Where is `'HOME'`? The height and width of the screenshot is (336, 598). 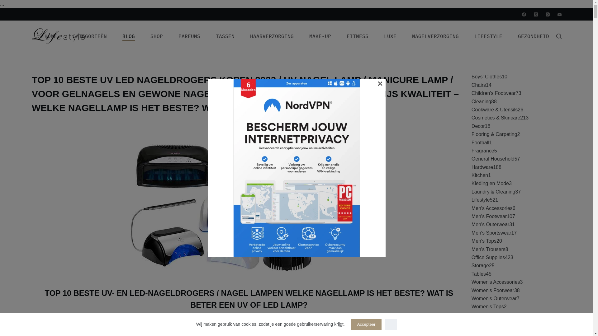
'HOME' is located at coordinates (51, 36).